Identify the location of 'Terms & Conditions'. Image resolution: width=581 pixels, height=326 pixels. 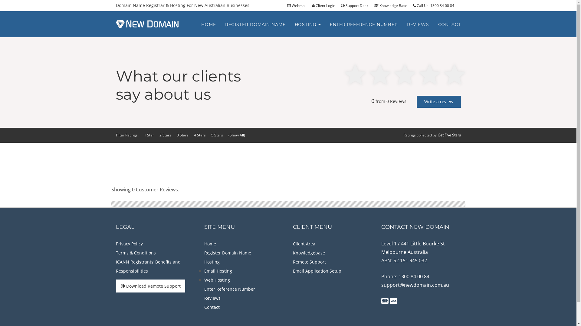
(135, 253).